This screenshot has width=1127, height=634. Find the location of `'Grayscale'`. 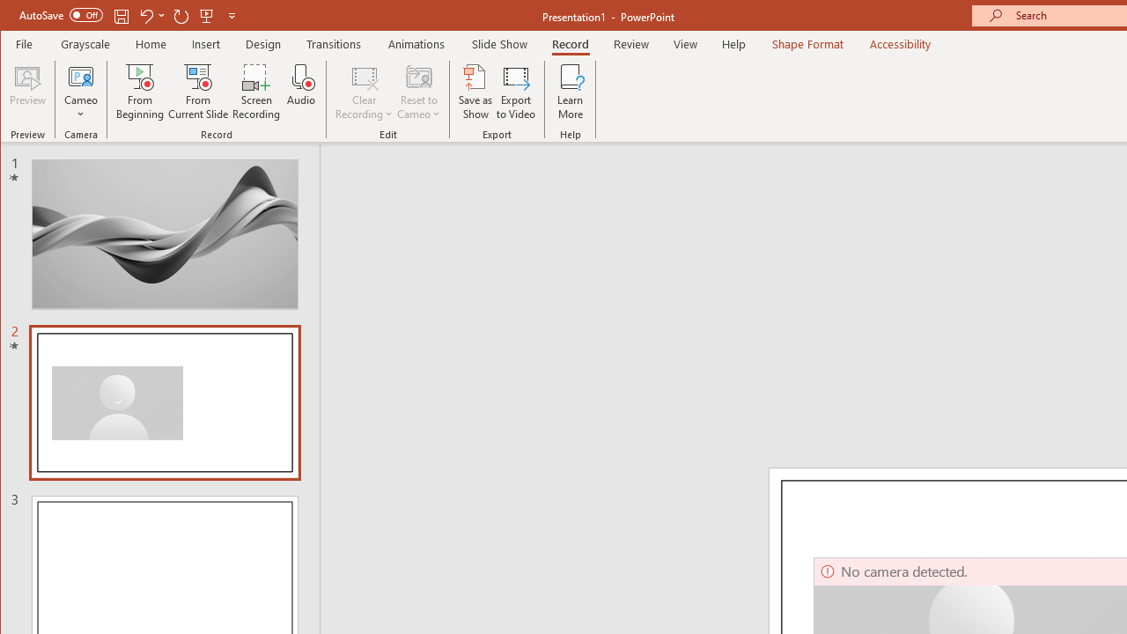

'Grayscale' is located at coordinates (85, 43).